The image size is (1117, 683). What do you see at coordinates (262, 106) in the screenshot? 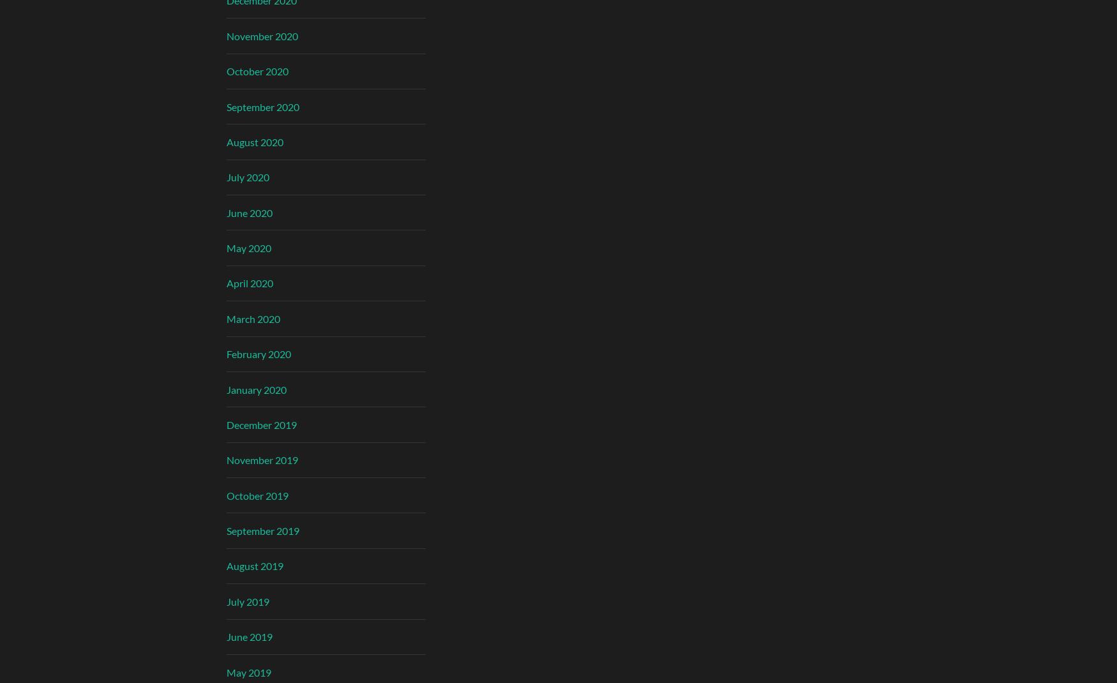
I see `'September 2020'` at bounding box center [262, 106].